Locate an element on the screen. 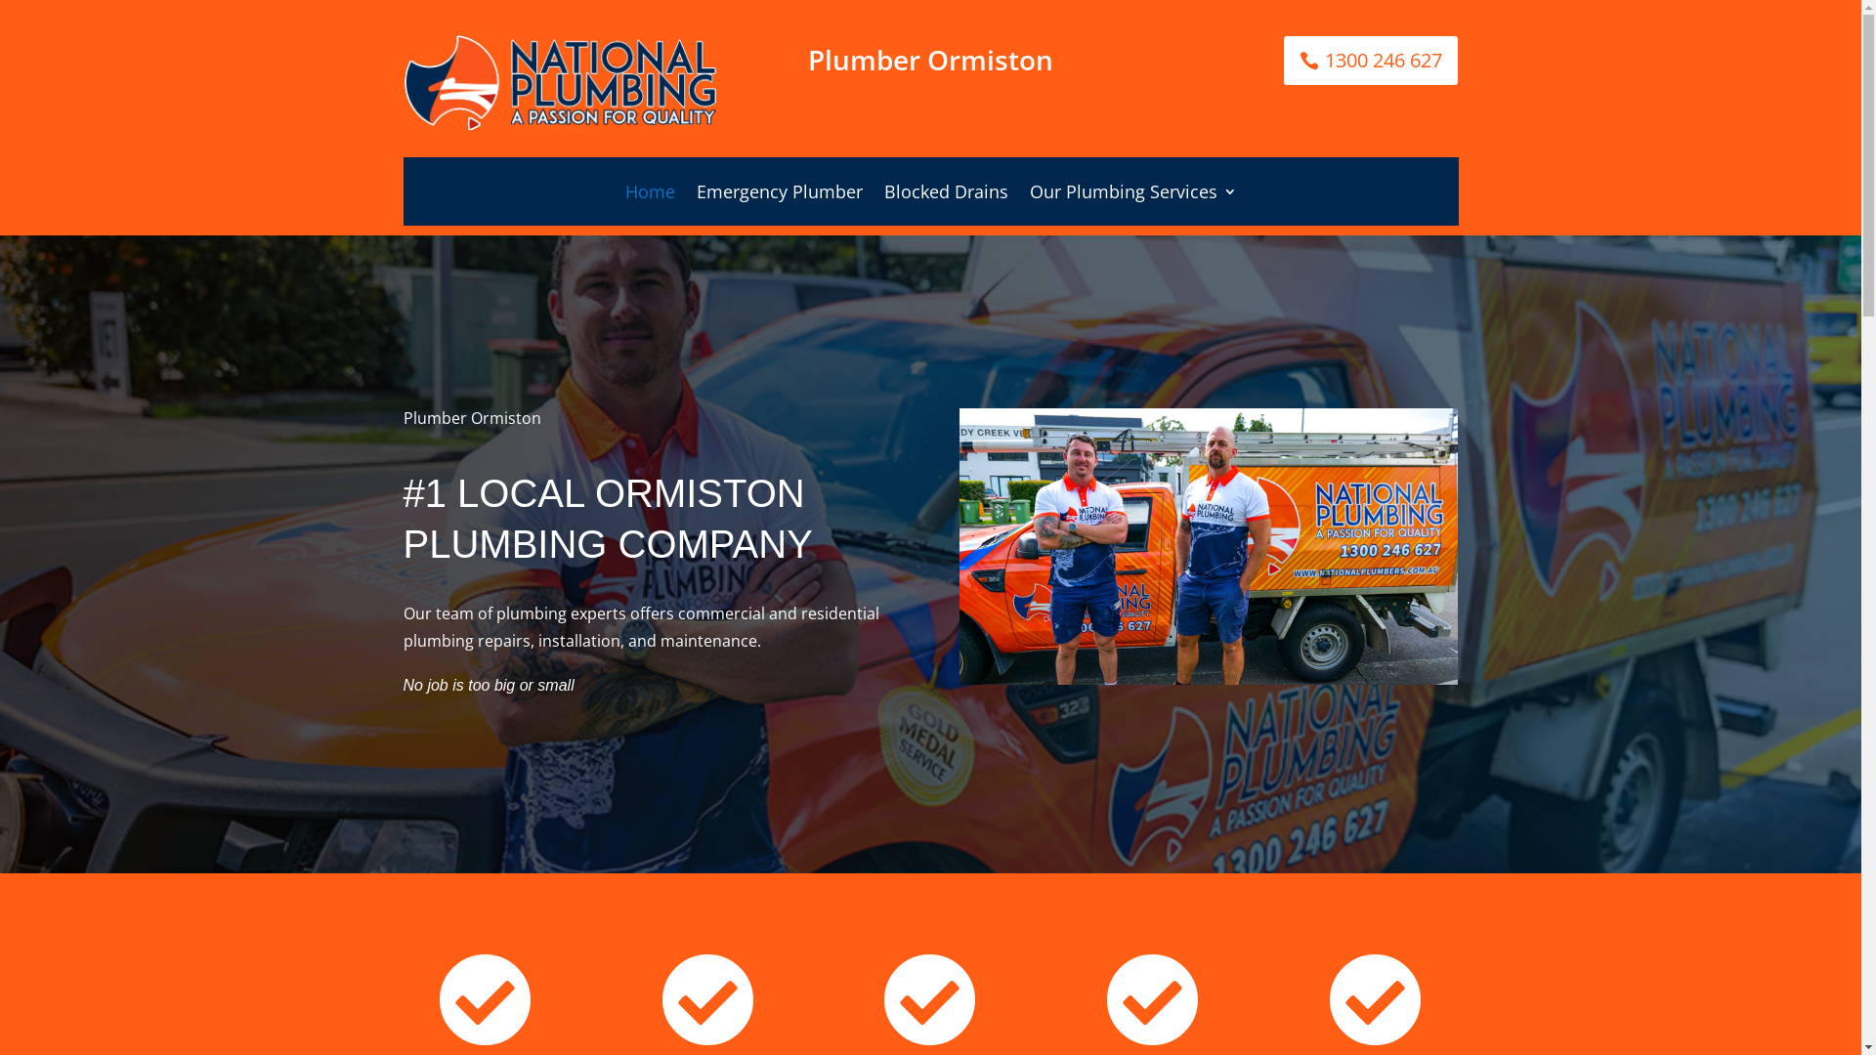 Image resolution: width=1876 pixels, height=1055 pixels. 'Plumber Ormiston' is located at coordinates (1208, 546).